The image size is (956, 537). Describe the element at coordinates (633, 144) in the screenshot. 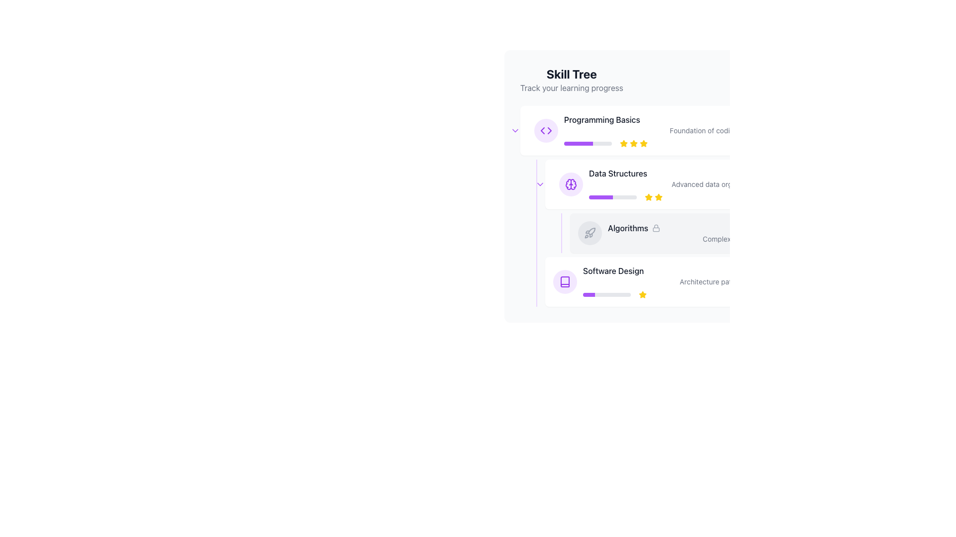

I see `the second star-shaped icon from the left in the rating component for the 'Programming Basics' section in the 'Skill Tree' interface to understand its status` at that location.